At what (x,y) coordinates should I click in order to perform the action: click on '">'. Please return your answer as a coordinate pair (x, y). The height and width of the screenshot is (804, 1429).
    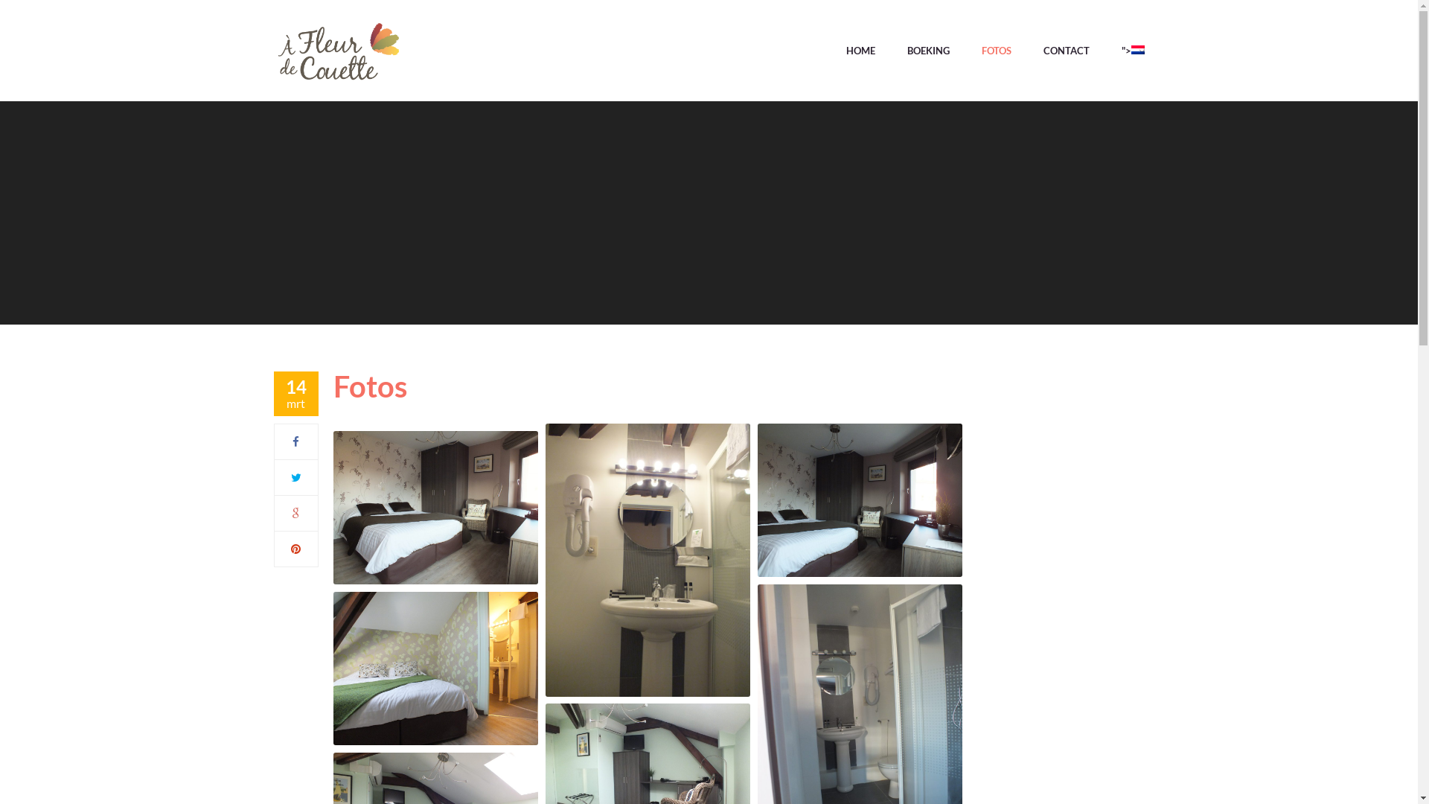
    Looking at the image, I should click on (1106, 54).